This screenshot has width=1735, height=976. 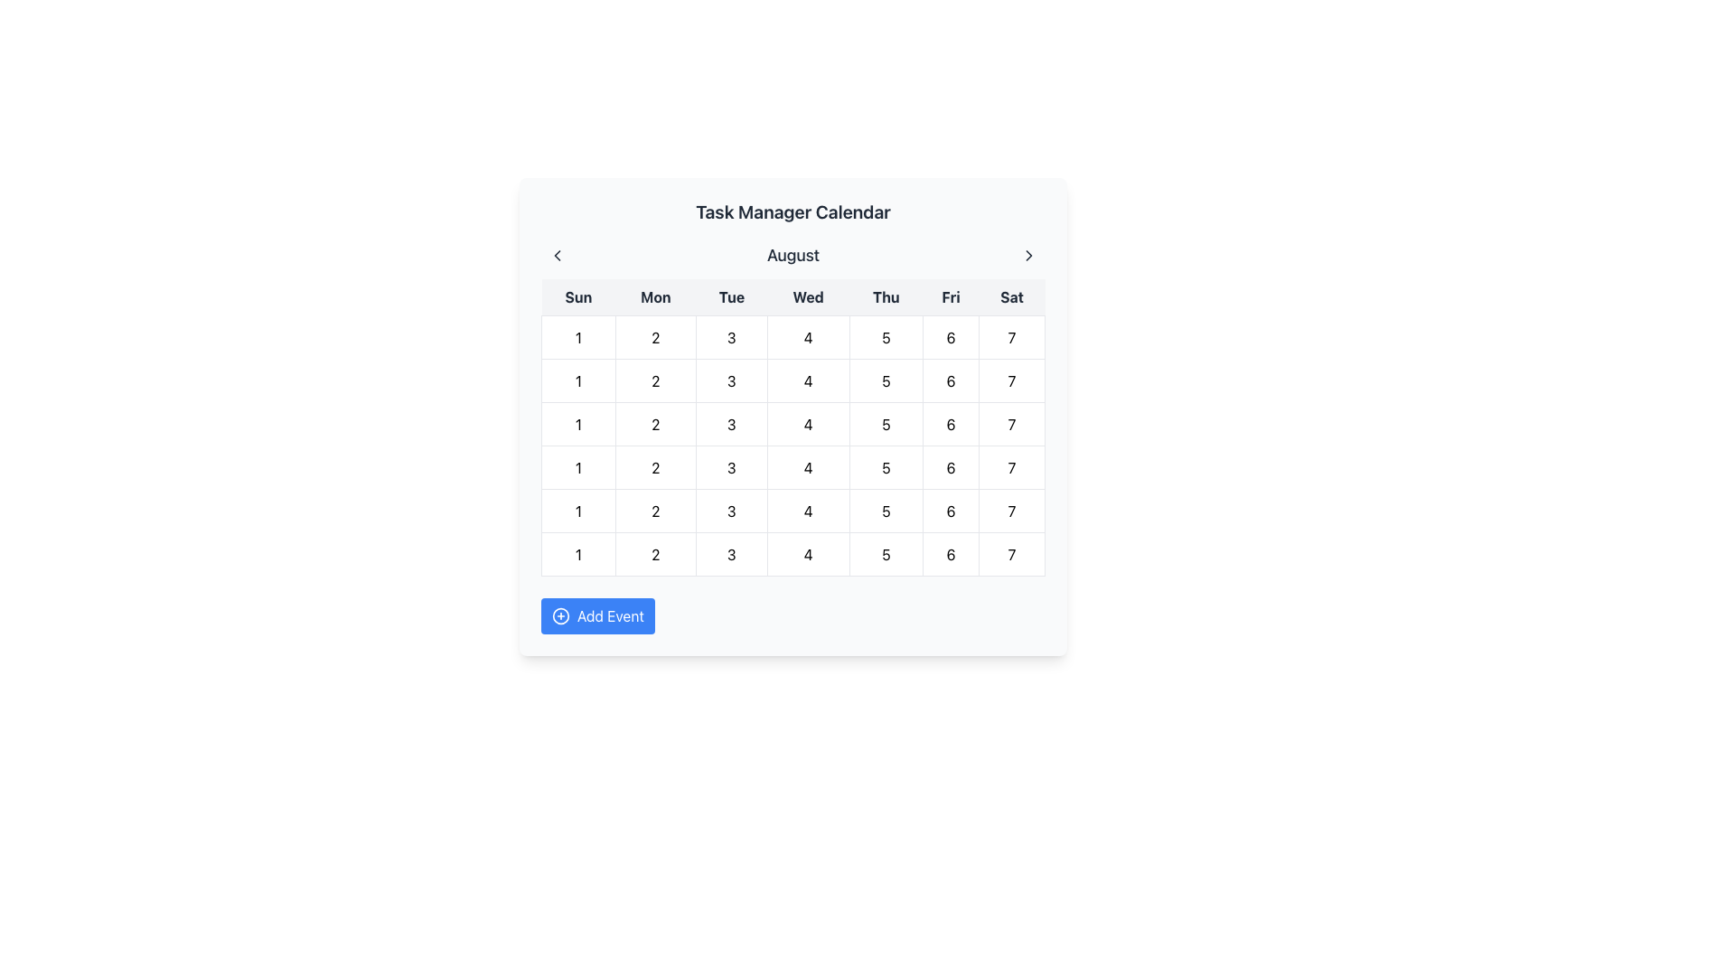 I want to click on the Text Display element representing the date '3' in the Tuesday column of the second week in the calendar grid, so click(x=731, y=466).